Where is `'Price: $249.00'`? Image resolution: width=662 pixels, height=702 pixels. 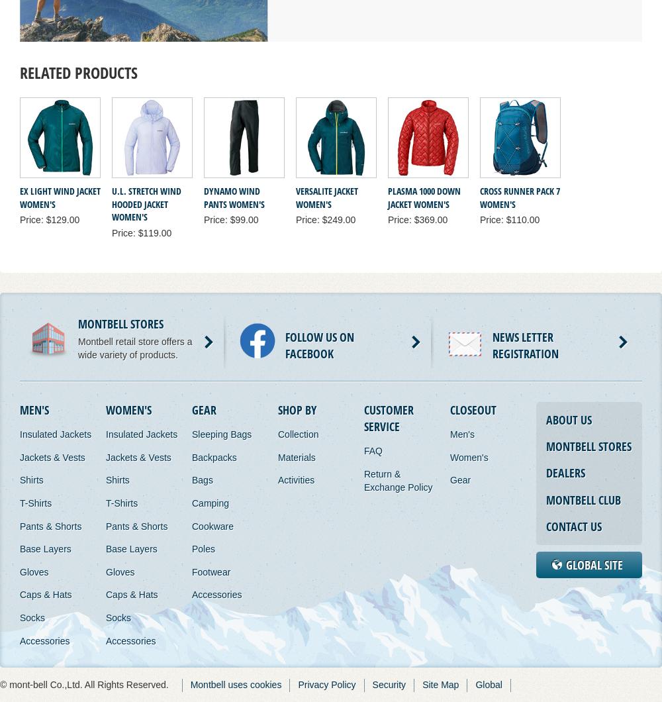
'Price: $249.00' is located at coordinates (325, 219).